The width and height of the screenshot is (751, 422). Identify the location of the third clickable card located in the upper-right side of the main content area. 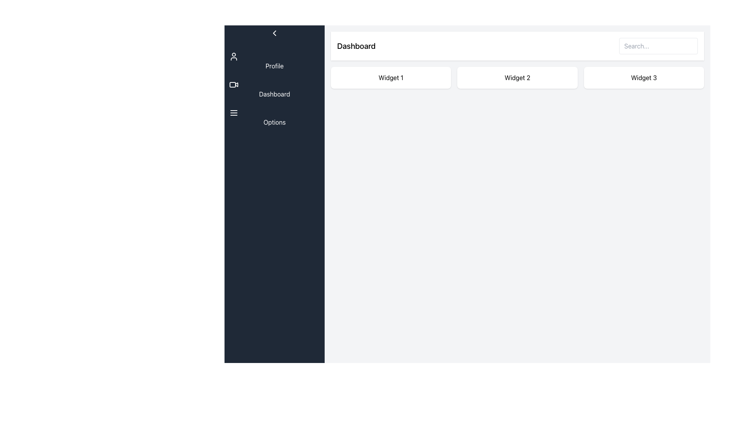
(644, 78).